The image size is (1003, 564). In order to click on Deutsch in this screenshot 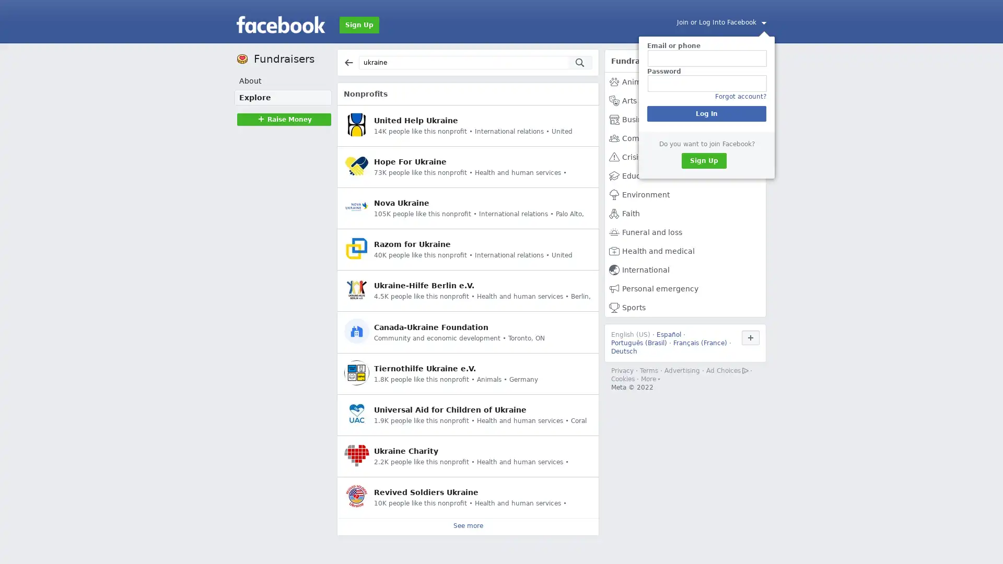, I will do `click(624, 351)`.